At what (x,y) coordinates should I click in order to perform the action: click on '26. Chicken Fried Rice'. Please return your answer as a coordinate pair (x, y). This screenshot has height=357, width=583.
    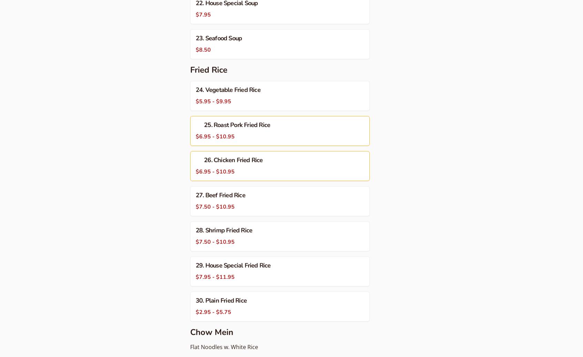
    Looking at the image, I should click on (233, 159).